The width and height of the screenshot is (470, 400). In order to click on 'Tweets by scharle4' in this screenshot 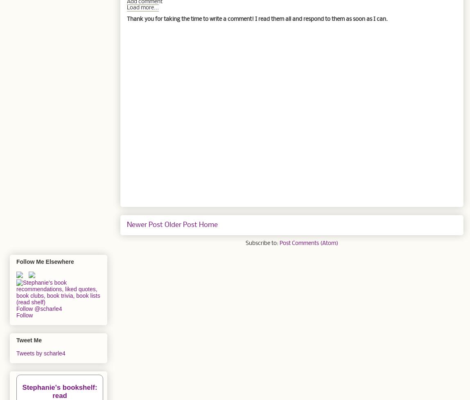, I will do `click(41, 353)`.